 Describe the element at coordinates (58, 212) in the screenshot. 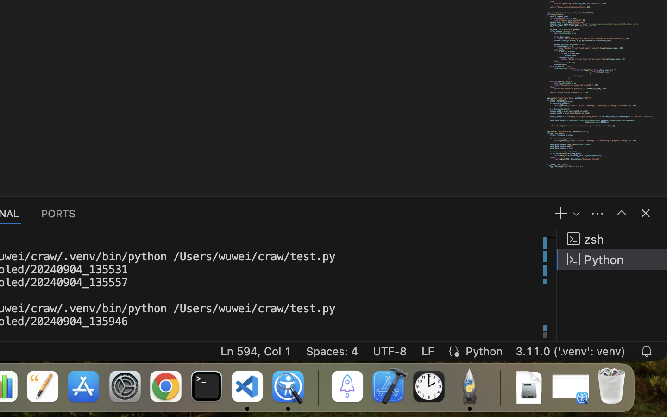

I see `'0 PORTS'` at that location.